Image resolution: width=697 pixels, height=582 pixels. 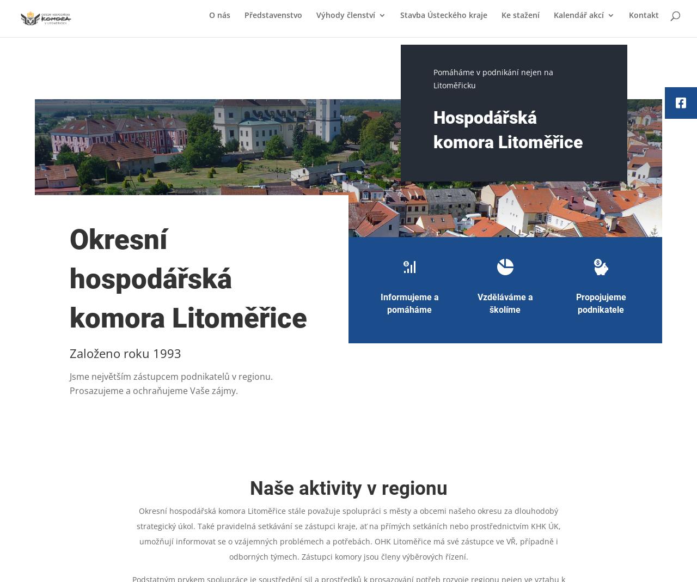 I want to click on 'Okresní hospodářská komora Litoměřice', so click(x=69, y=278).